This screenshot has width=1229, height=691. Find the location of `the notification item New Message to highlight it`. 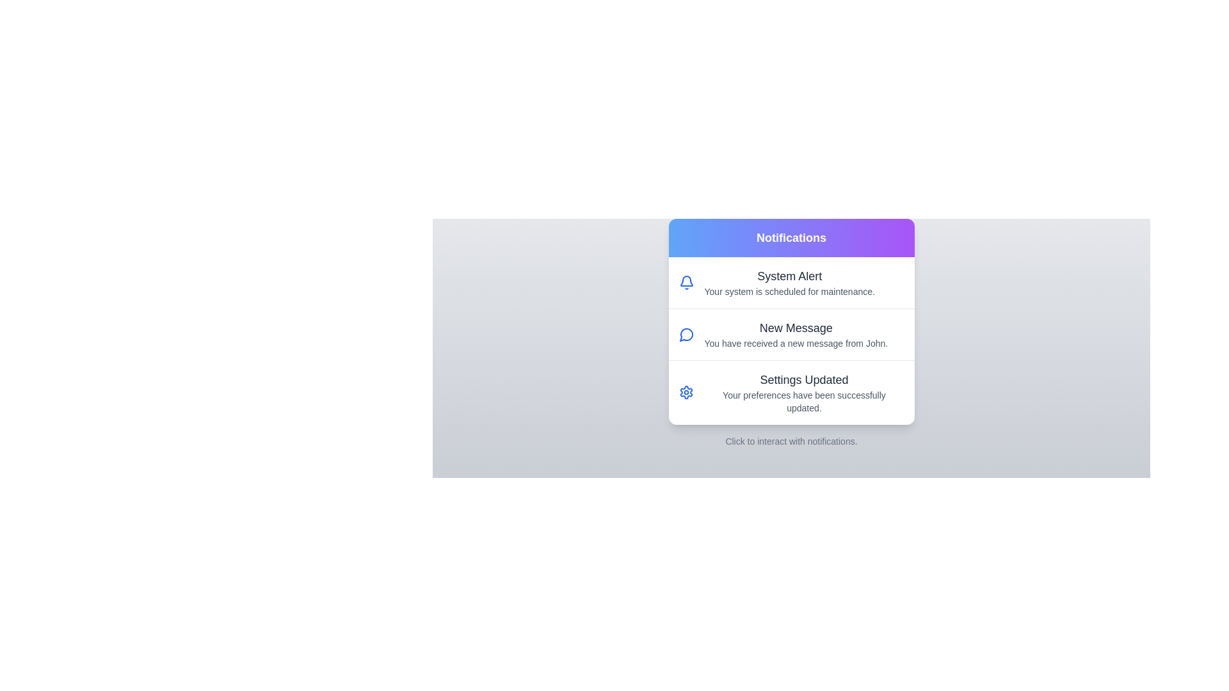

the notification item New Message to highlight it is located at coordinates (791, 333).